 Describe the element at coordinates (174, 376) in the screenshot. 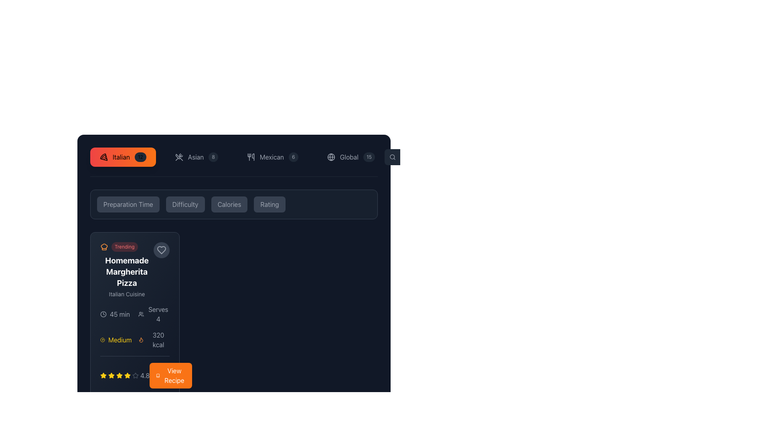

I see `the 'View Recipe' text label within the button` at that location.